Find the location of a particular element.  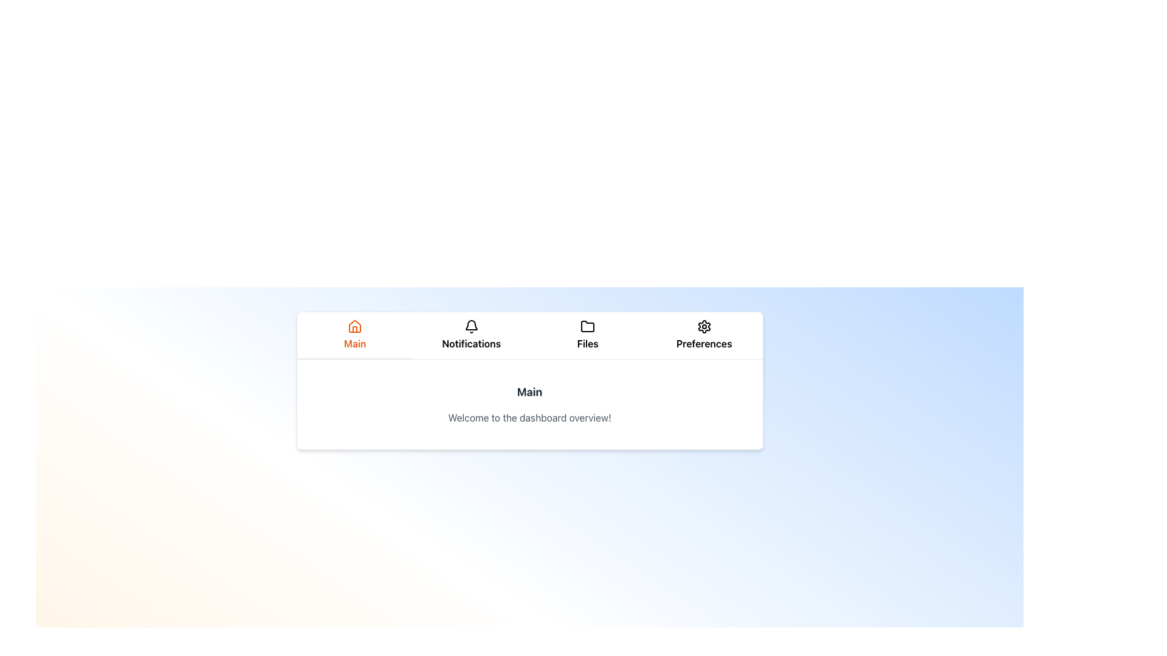

the 'Notifications' text label, which is displayed in bold, black font and is positioned below the bell-shaped icon in the horizontal navigation bar is located at coordinates (470, 344).